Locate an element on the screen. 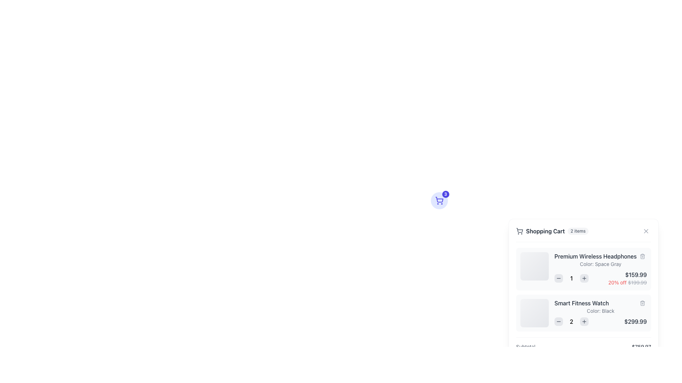 The width and height of the screenshot is (682, 383). the 'Subtotal' label in the shopping cart summary block, which indicates the subtotal amount of the cart is located at coordinates (526, 346).